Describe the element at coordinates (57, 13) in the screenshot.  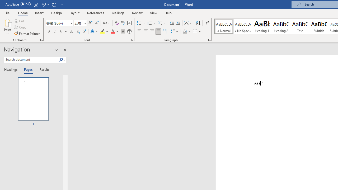
I see `'Design'` at that location.